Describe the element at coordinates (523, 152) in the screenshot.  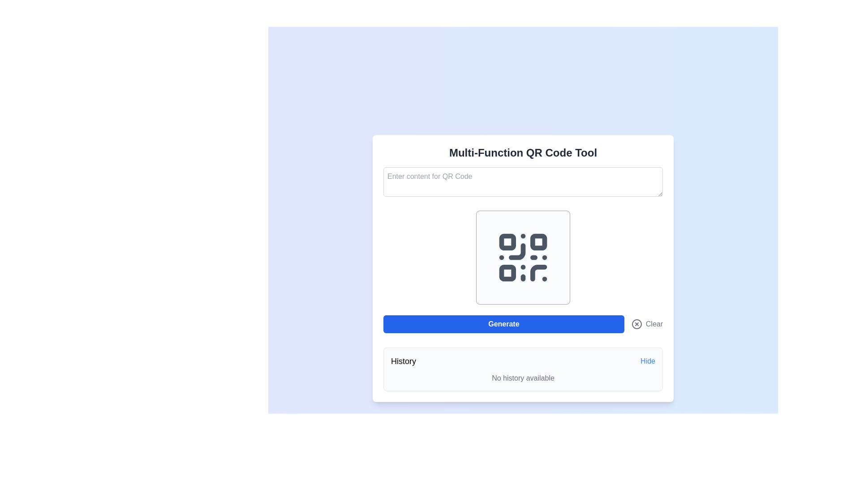
I see `text from the header label positioned at the top of the interface, which indicates the application's purpose` at that location.